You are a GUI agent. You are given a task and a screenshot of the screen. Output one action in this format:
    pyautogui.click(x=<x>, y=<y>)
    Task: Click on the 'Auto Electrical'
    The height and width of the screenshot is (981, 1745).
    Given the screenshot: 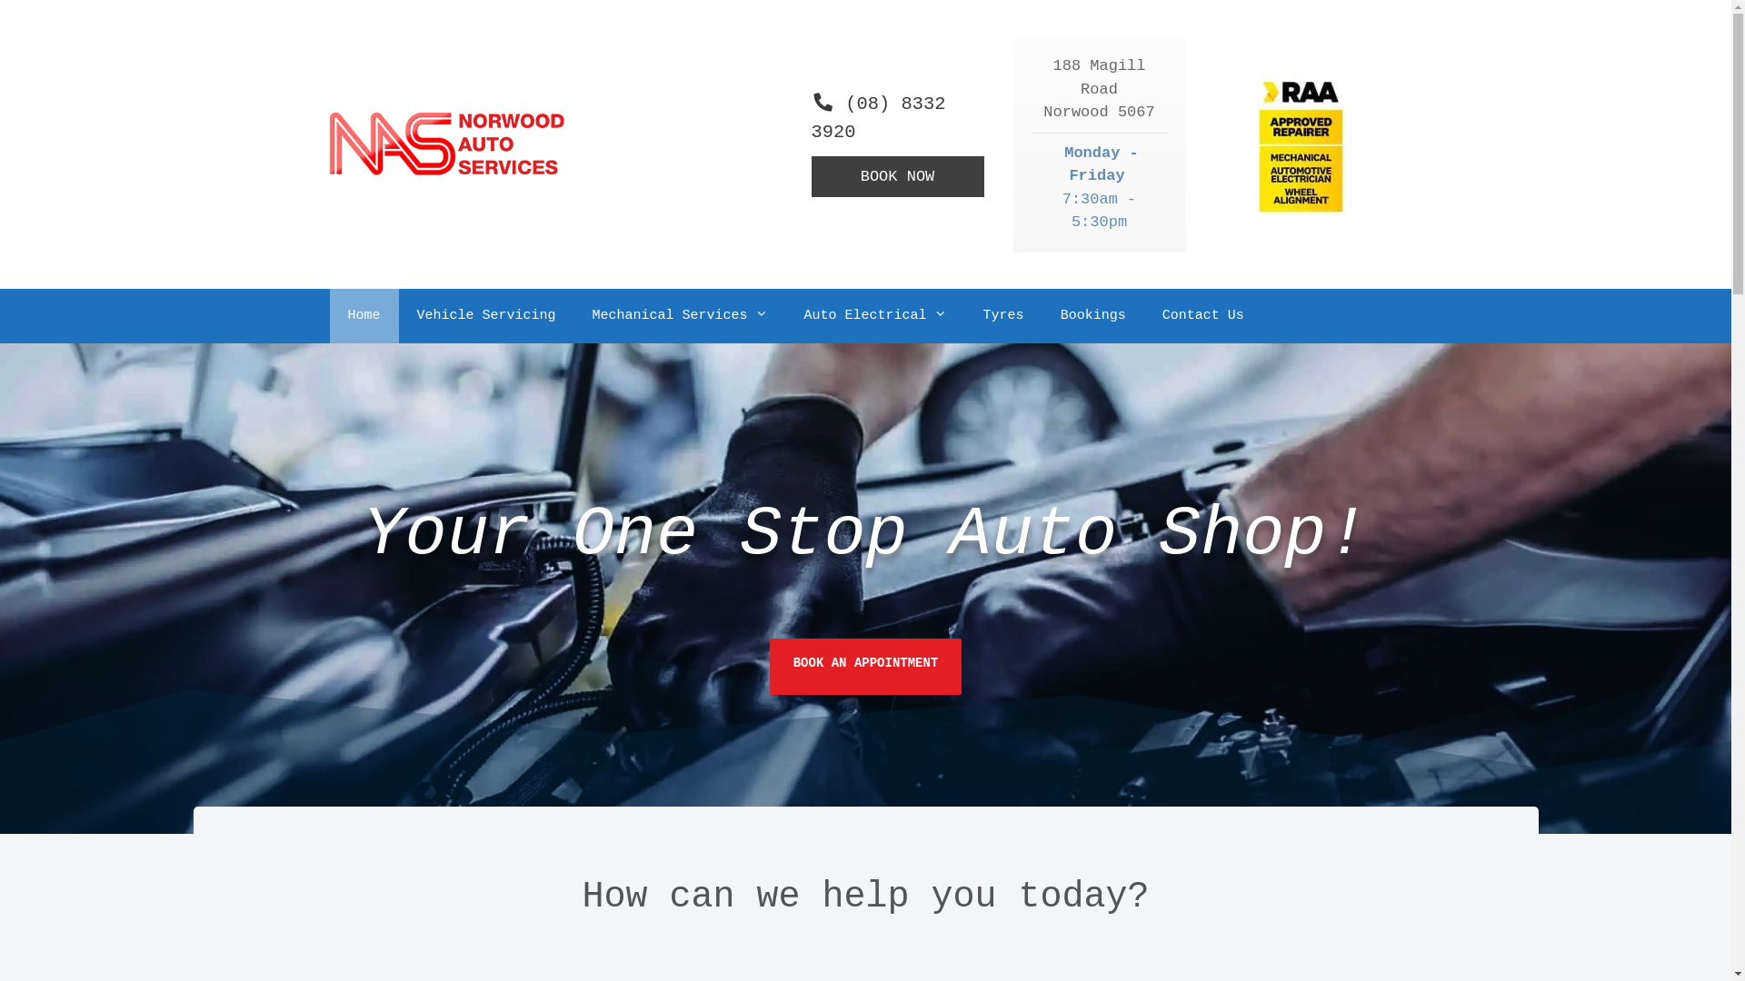 What is the action you would take?
    pyautogui.click(x=785, y=314)
    